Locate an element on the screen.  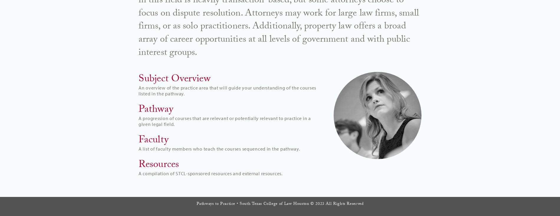
'An overview of the practice area that will guide your understanding of the courses listed in the pathway.' is located at coordinates (227, 90).